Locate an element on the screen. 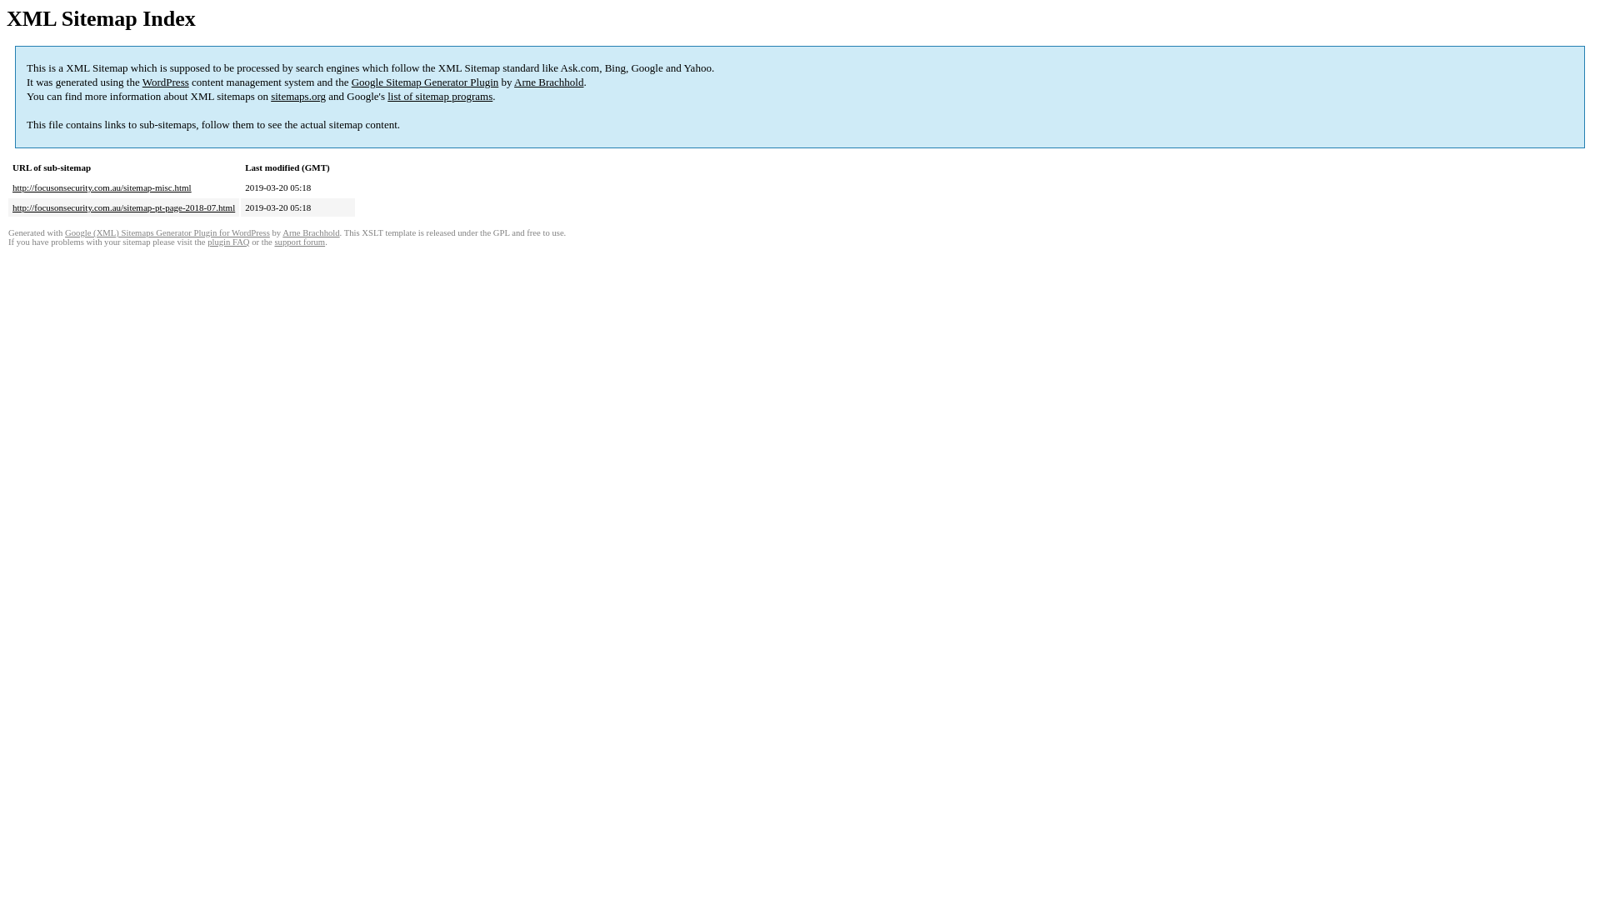 The width and height of the screenshot is (1600, 900). 'http://focusonsecurity.com.au/sitemap-misc.html' is located at coordinates (12, 187).